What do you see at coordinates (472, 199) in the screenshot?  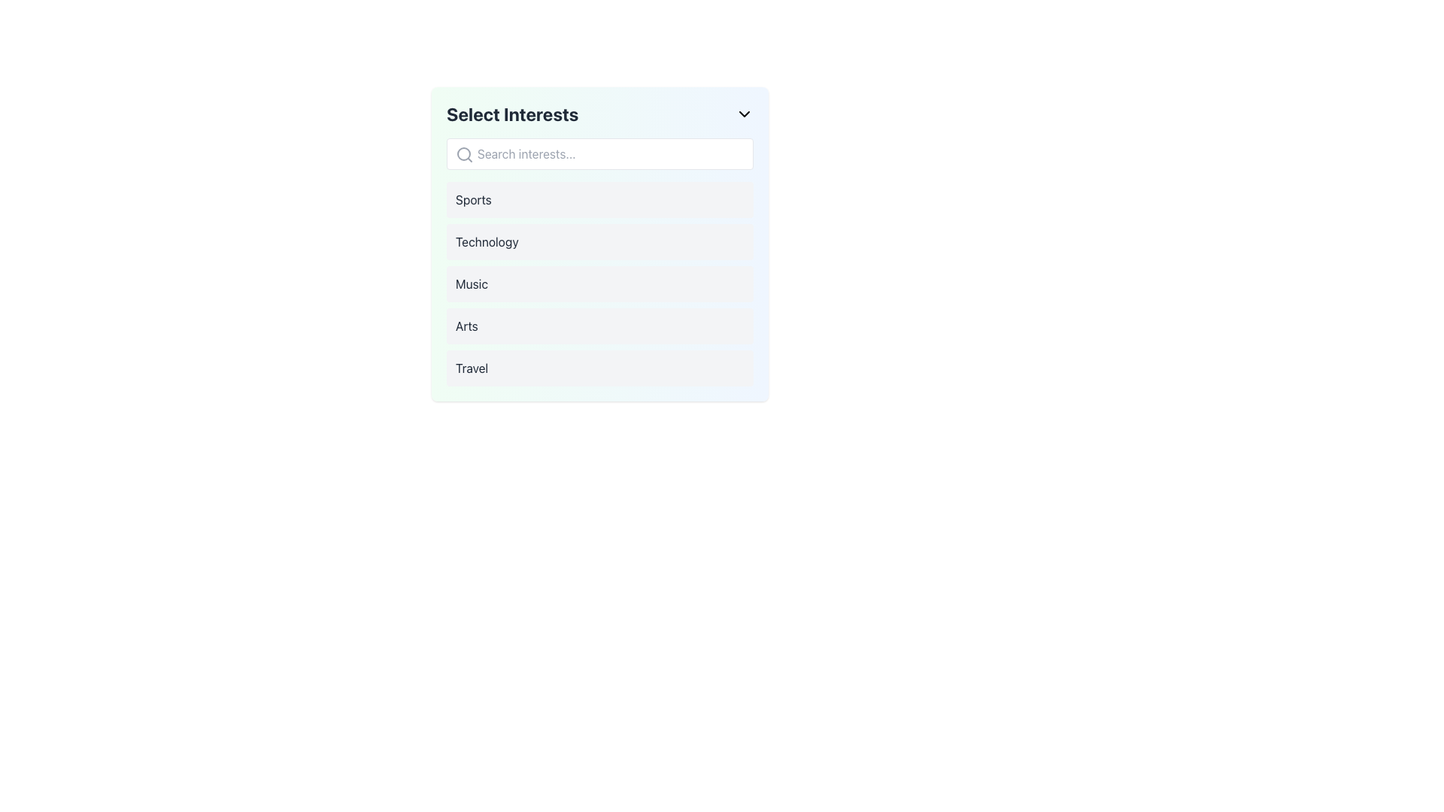 I see `text of the 'Sports' selectable label located in the first row under the search field within the 'Select Interests' panel` at bounding box center [472, 199].